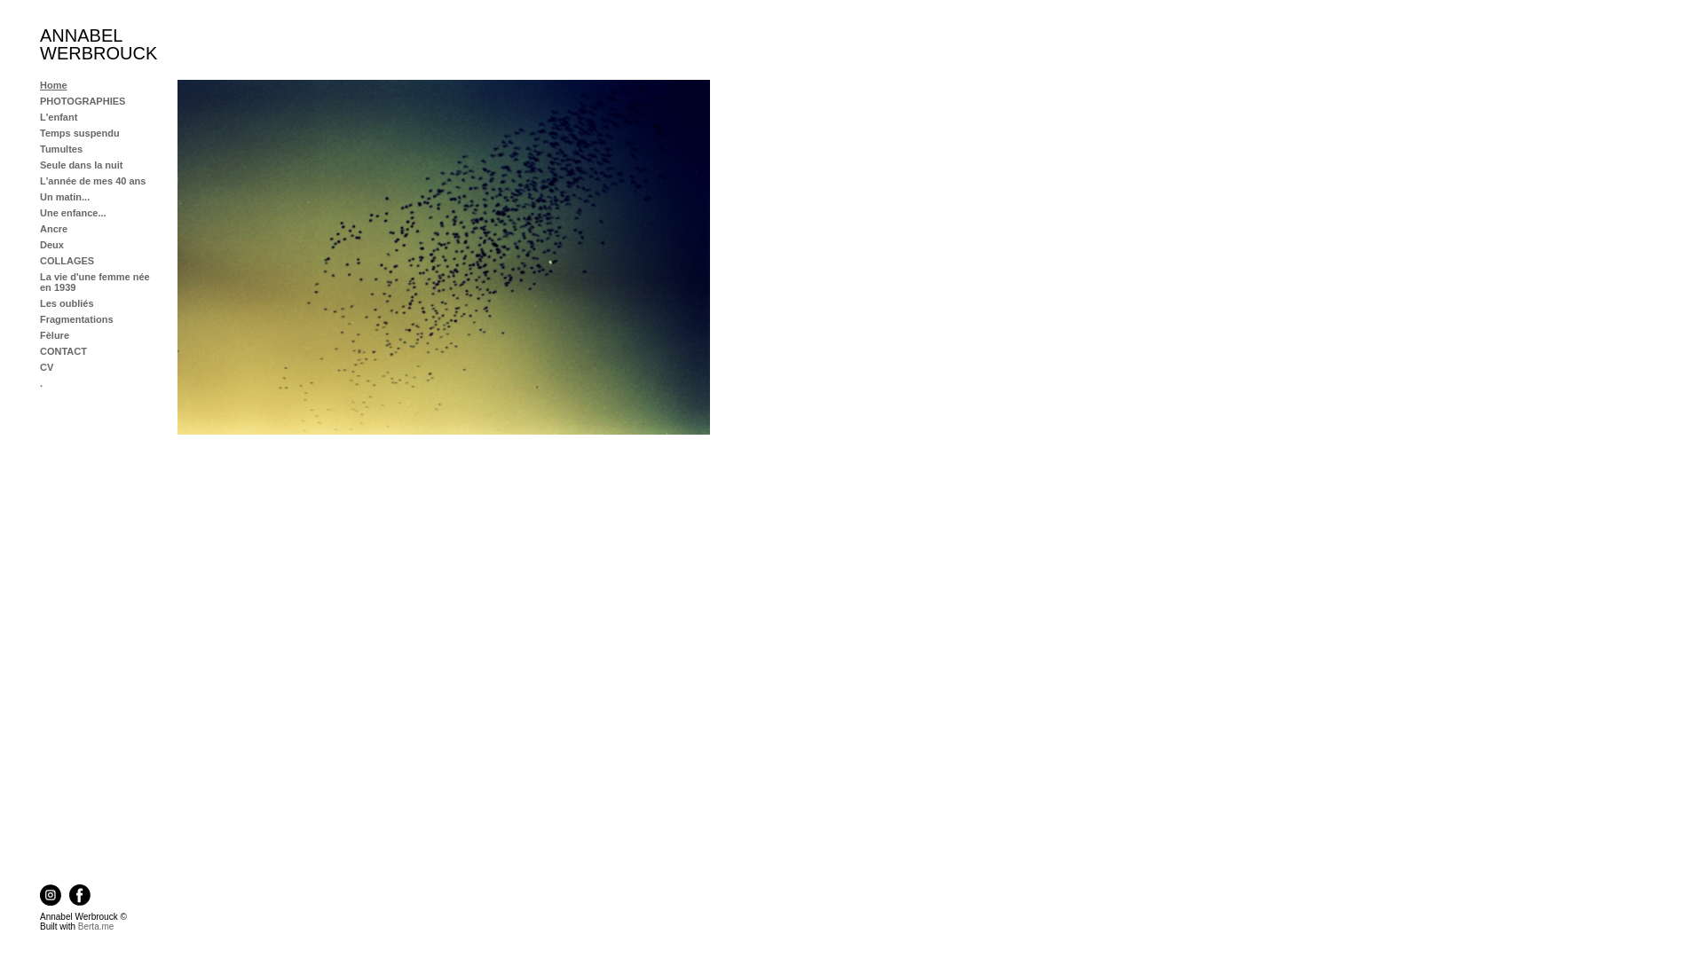  What do you see at coordinates (59, 116) in the screenshot?
I see `'L'enfant'` at bounding box center [59, 116].